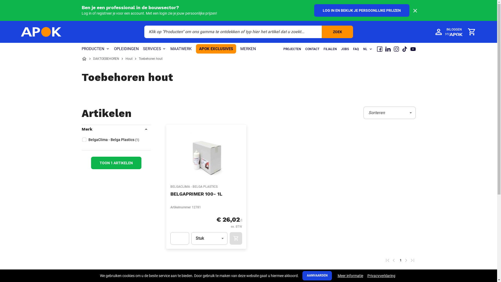  What do you see at coordinates (404, 49) in the screenshot?
I see `'TikTok'` at bounding box center [404, 49].